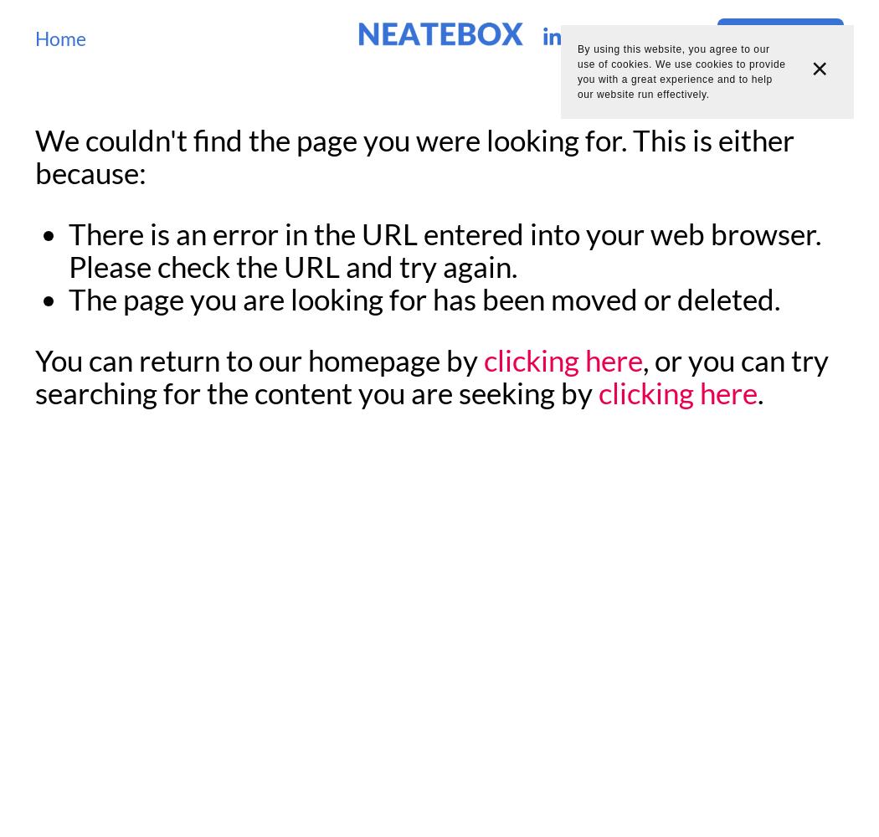 The height and width of the screenshot is (837, 879). Describe the element at coordinates (445, 249) in the screenshot. I see `'There is an error in the URL entered into your web browser. Please check the URL and try again.'` at that location.